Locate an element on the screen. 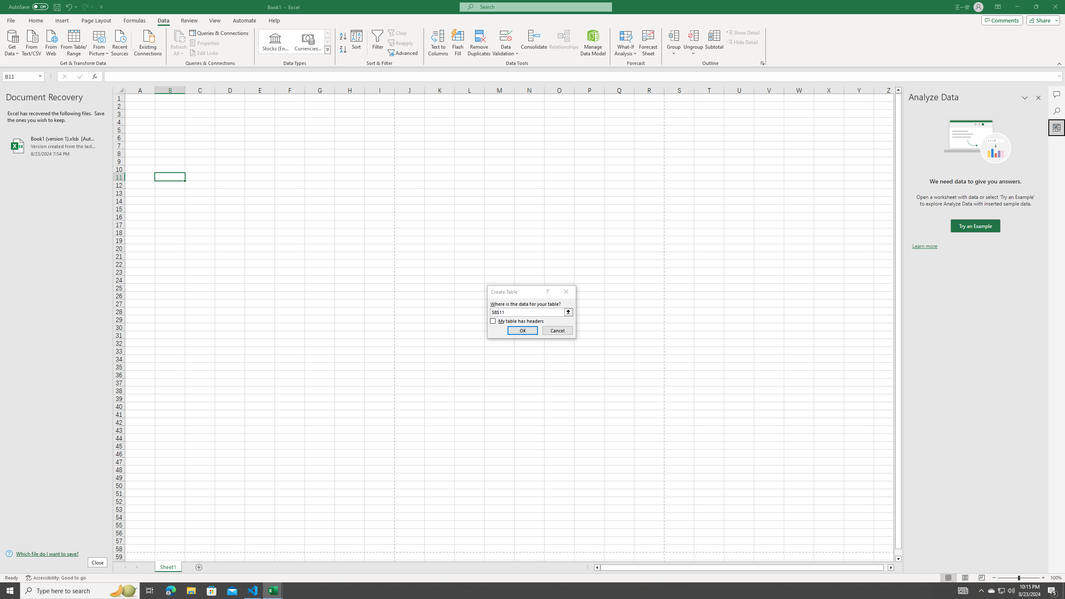 Image resolution: width=1065 pixels, height=599 pixels. 'Column right' is located at coordinates (891, 567).